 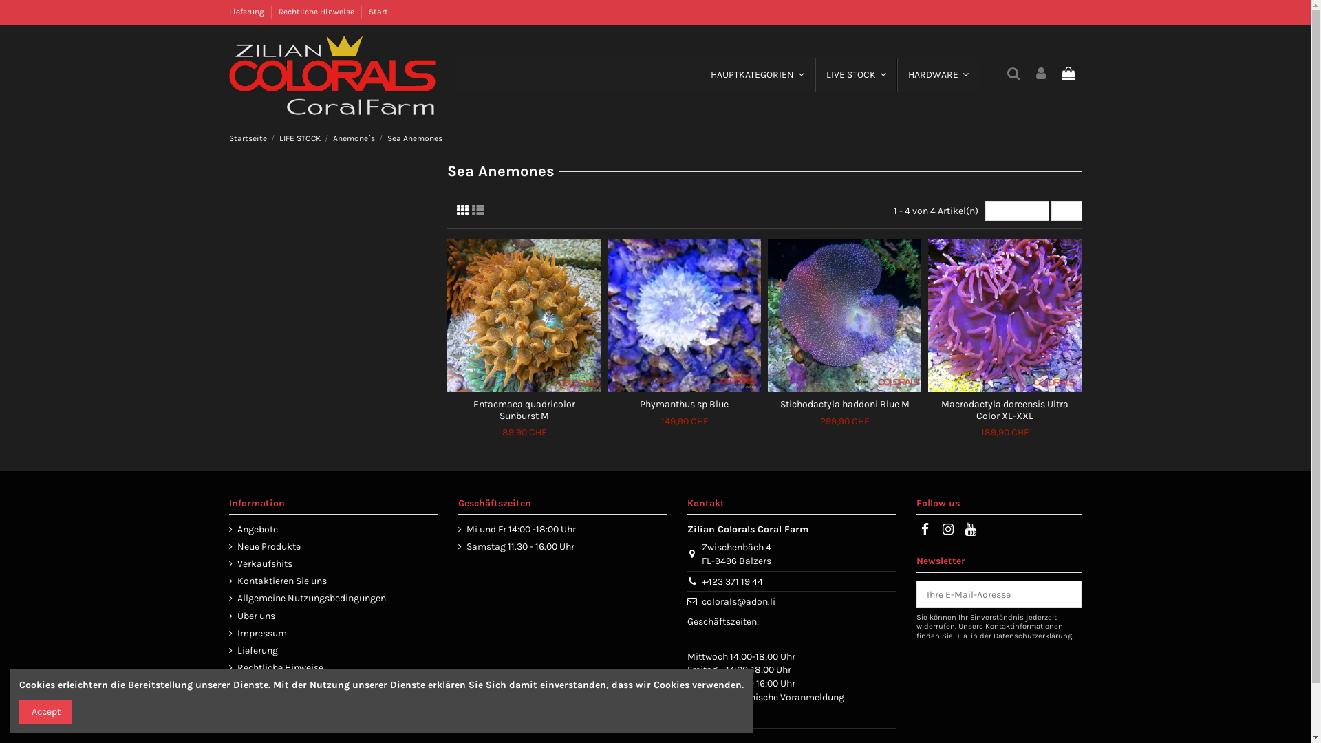 I want to click on 'HARDWARE', so click(x=937, y=74).